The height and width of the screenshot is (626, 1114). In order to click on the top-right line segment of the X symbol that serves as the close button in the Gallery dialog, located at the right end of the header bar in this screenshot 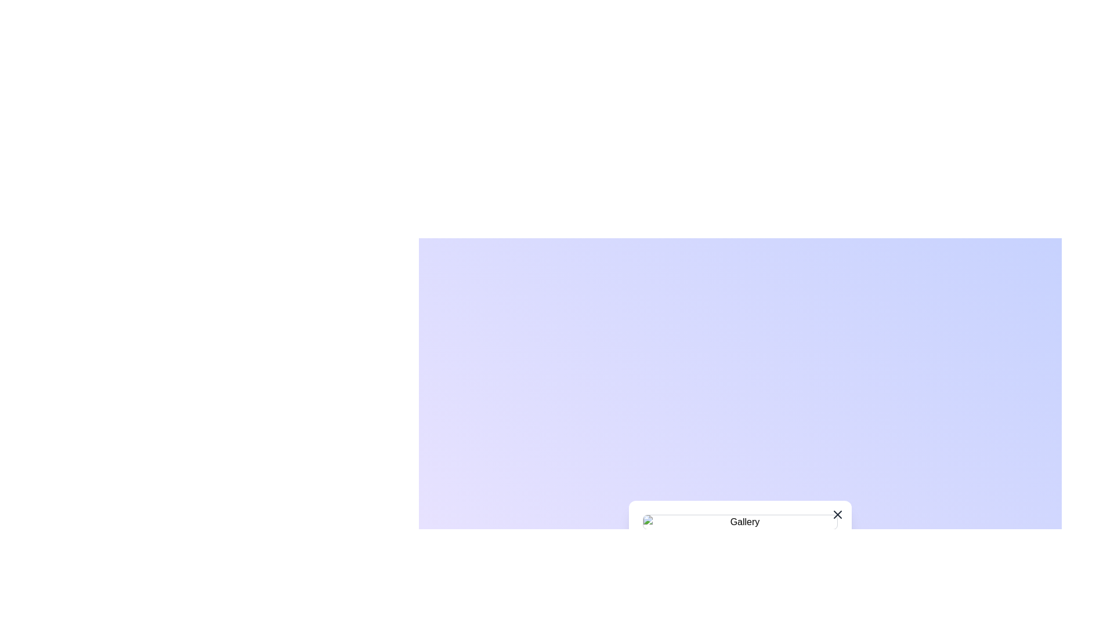, I will do `click(838, 514)`.